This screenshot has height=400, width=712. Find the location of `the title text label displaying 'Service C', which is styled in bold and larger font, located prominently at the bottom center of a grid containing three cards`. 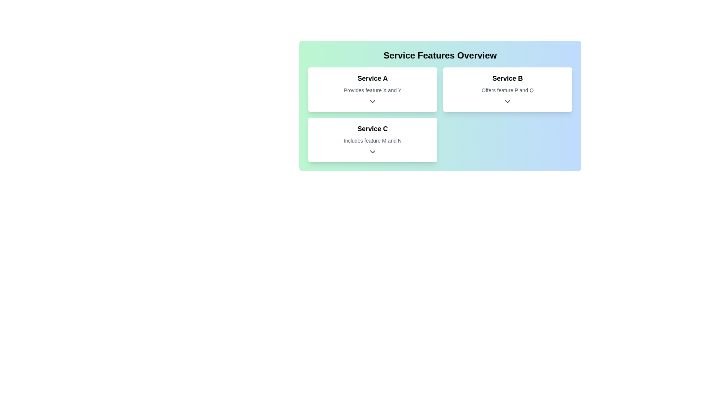

the title text label displaying 'Service C', which is styled in bold and larger font, located prominently at the bottom center of a grid containing three cards is located at coordinates (372, 128).